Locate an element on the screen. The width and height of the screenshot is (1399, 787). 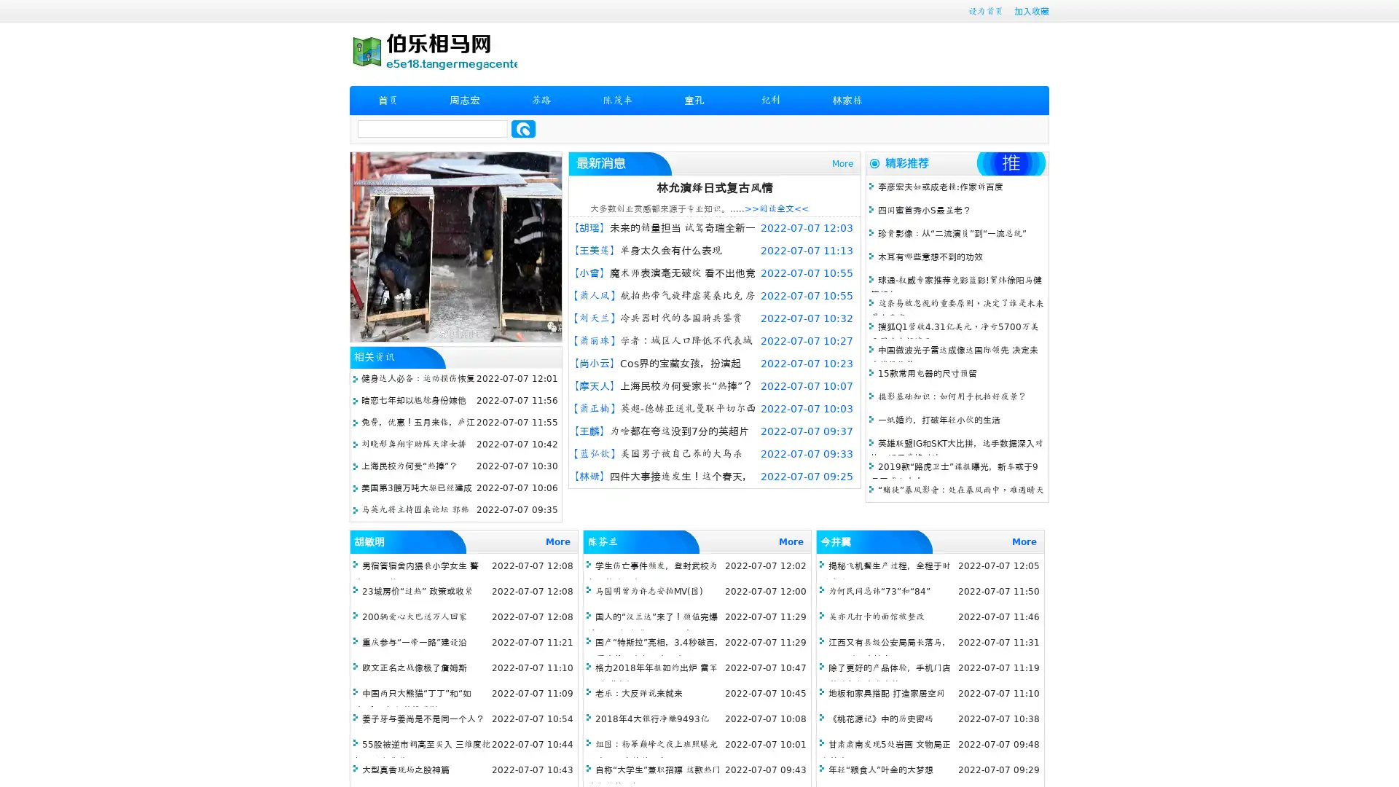
Search is located at coordinates (523, 128).